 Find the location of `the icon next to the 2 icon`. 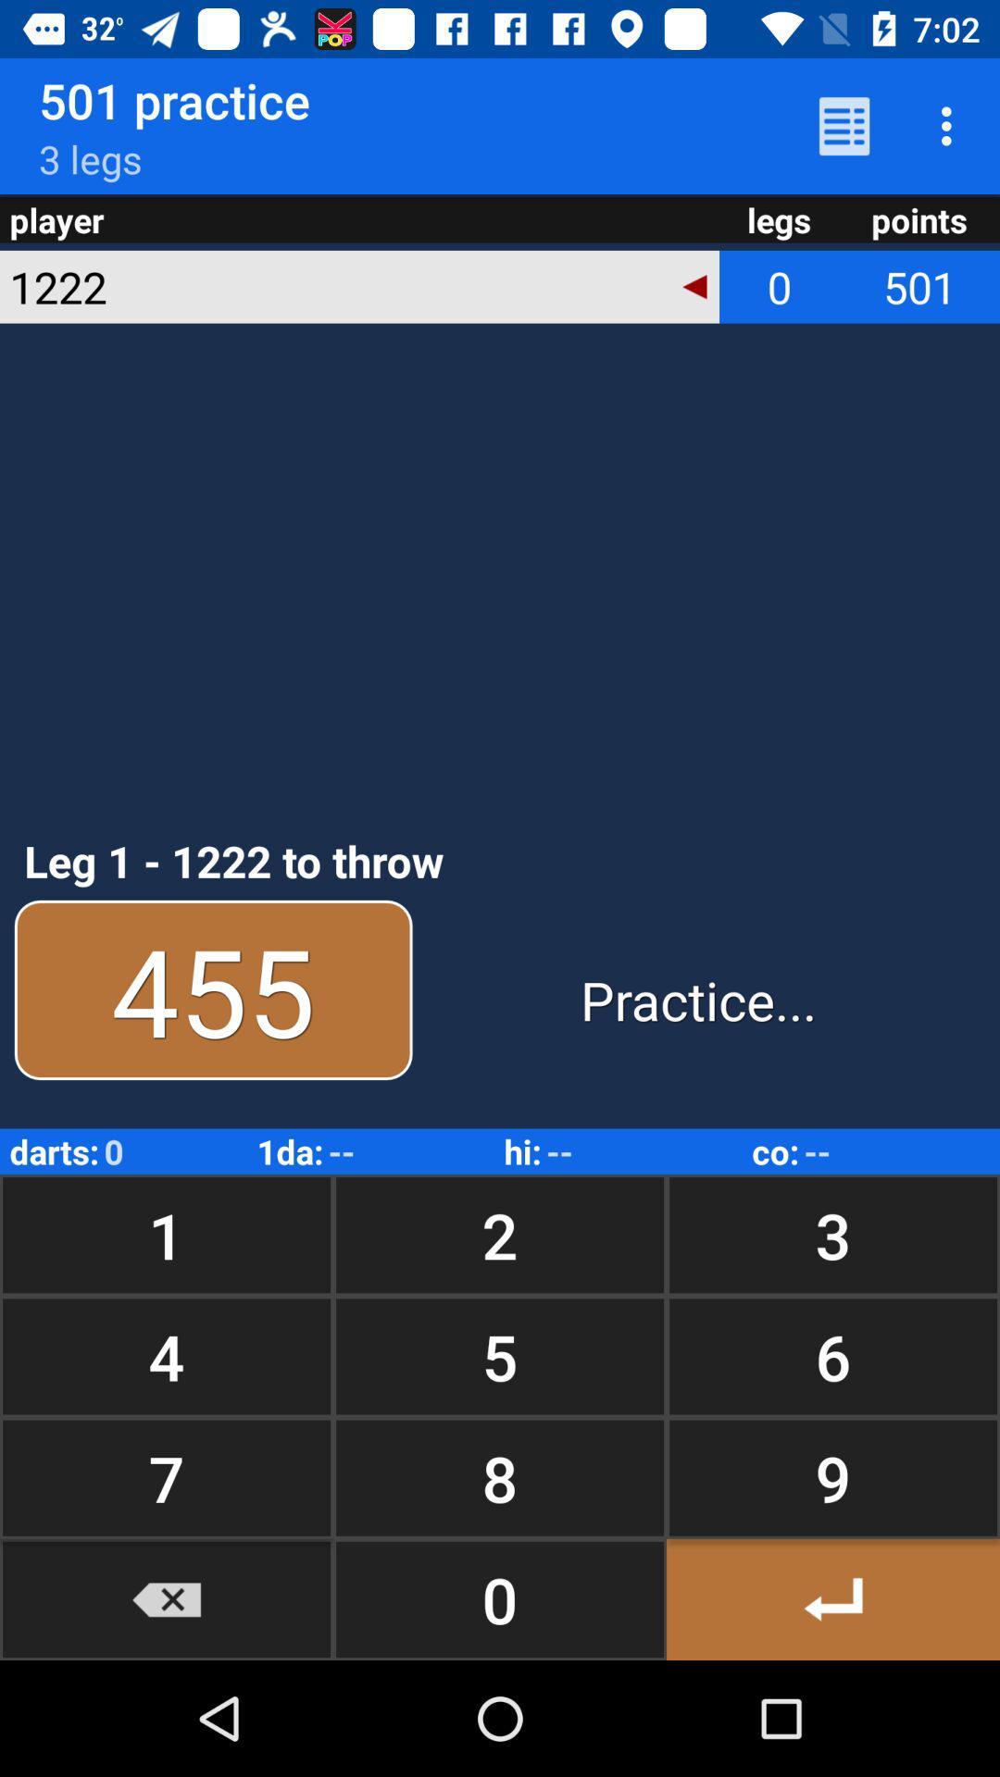

the icon next to the 2 icon is located at coordinates (831, 1356).